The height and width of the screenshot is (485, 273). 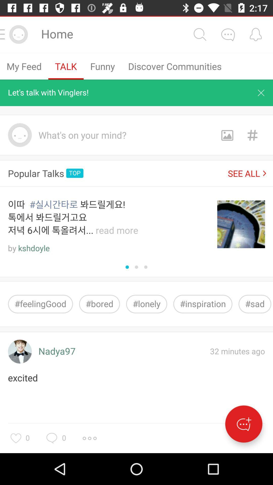 What do you see at coordinates (199, 34) in the screenshot?
I see `the search icon` at bounding box center [199, 34].